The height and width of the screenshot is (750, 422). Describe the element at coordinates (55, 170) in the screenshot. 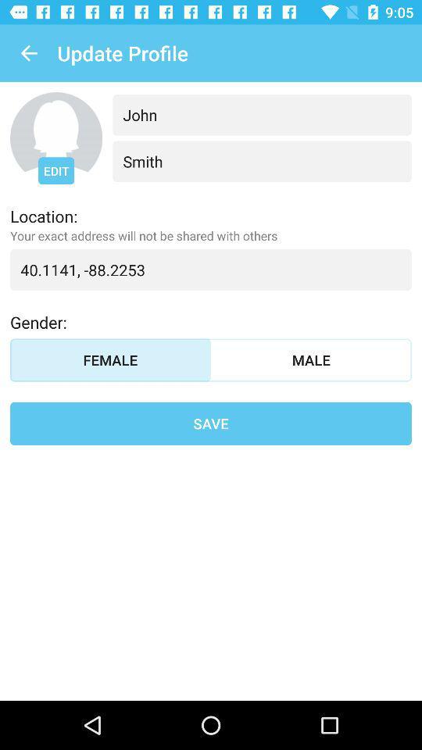

I see `the edit item` at that location.